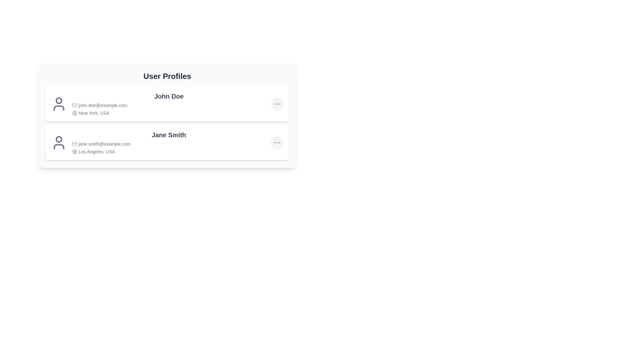  I want to click on the ellipsis button for John Doe's profile to view more details, so click(277, 104).